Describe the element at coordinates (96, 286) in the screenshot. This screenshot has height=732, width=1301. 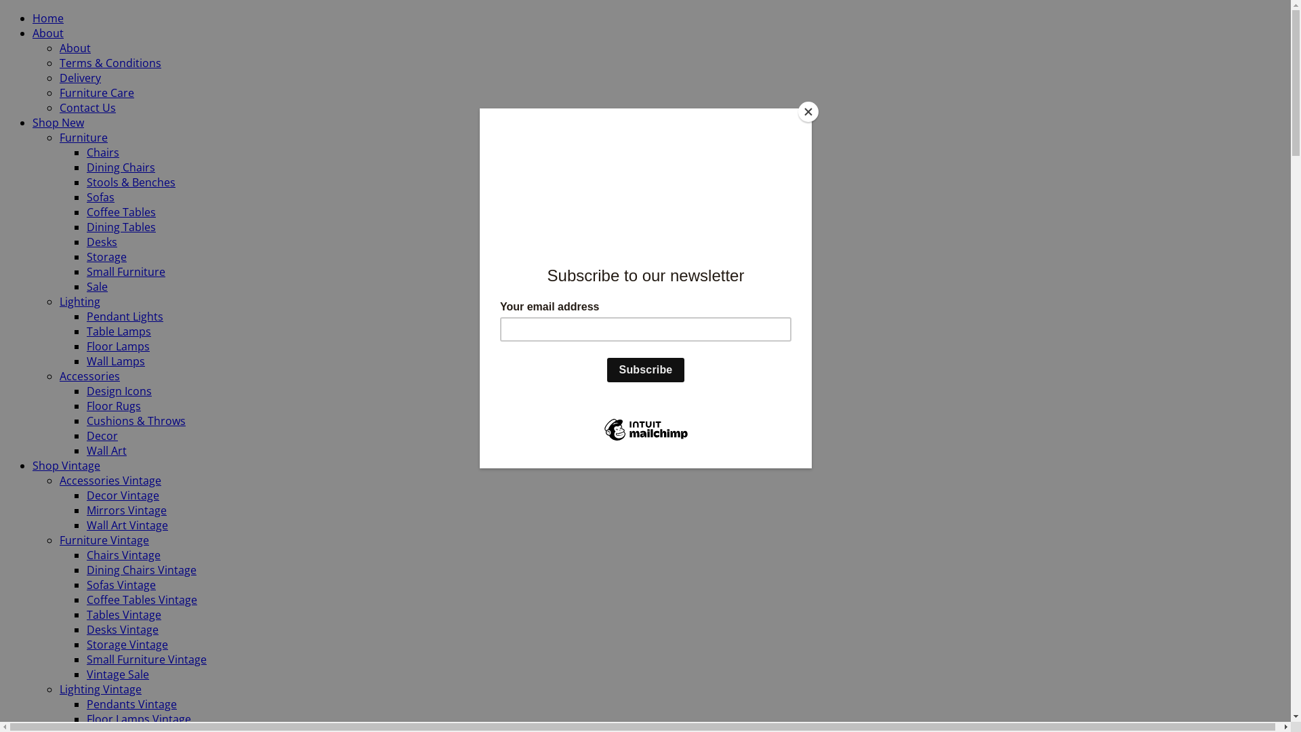
I see `'Sale'` at that location.